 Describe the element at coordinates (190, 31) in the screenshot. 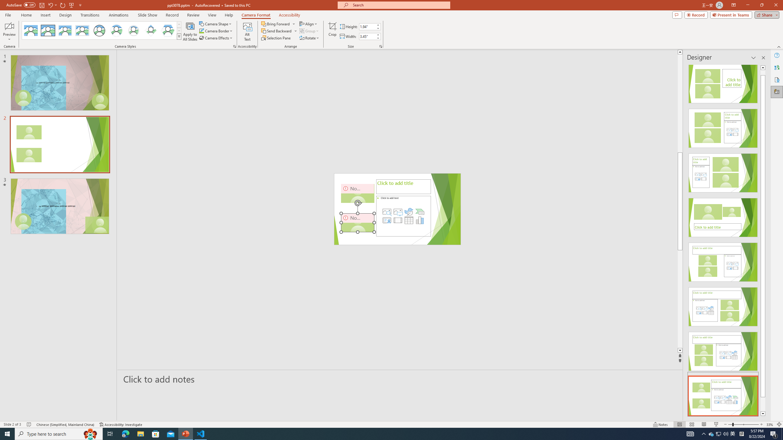

I see `'Apply to All Slides'` at that location.